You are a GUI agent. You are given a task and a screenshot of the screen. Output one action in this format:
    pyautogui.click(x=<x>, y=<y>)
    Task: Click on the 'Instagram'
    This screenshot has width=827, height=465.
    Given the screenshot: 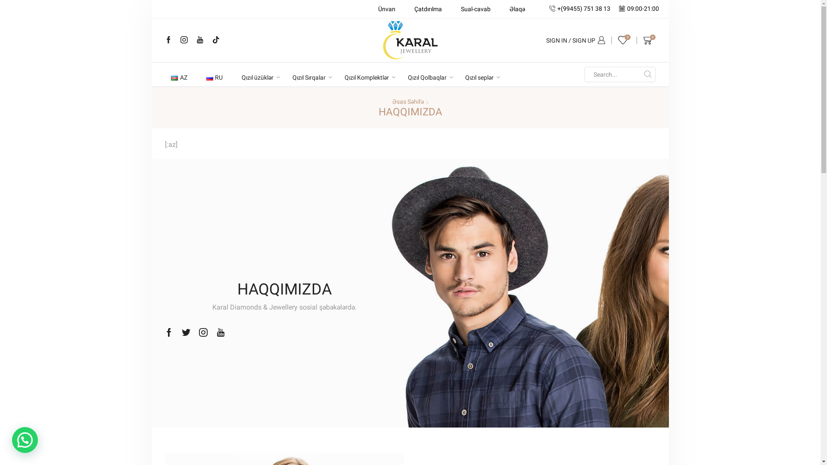 What is the action you would take?
    pyautogui.click(x=202, y=332)
    